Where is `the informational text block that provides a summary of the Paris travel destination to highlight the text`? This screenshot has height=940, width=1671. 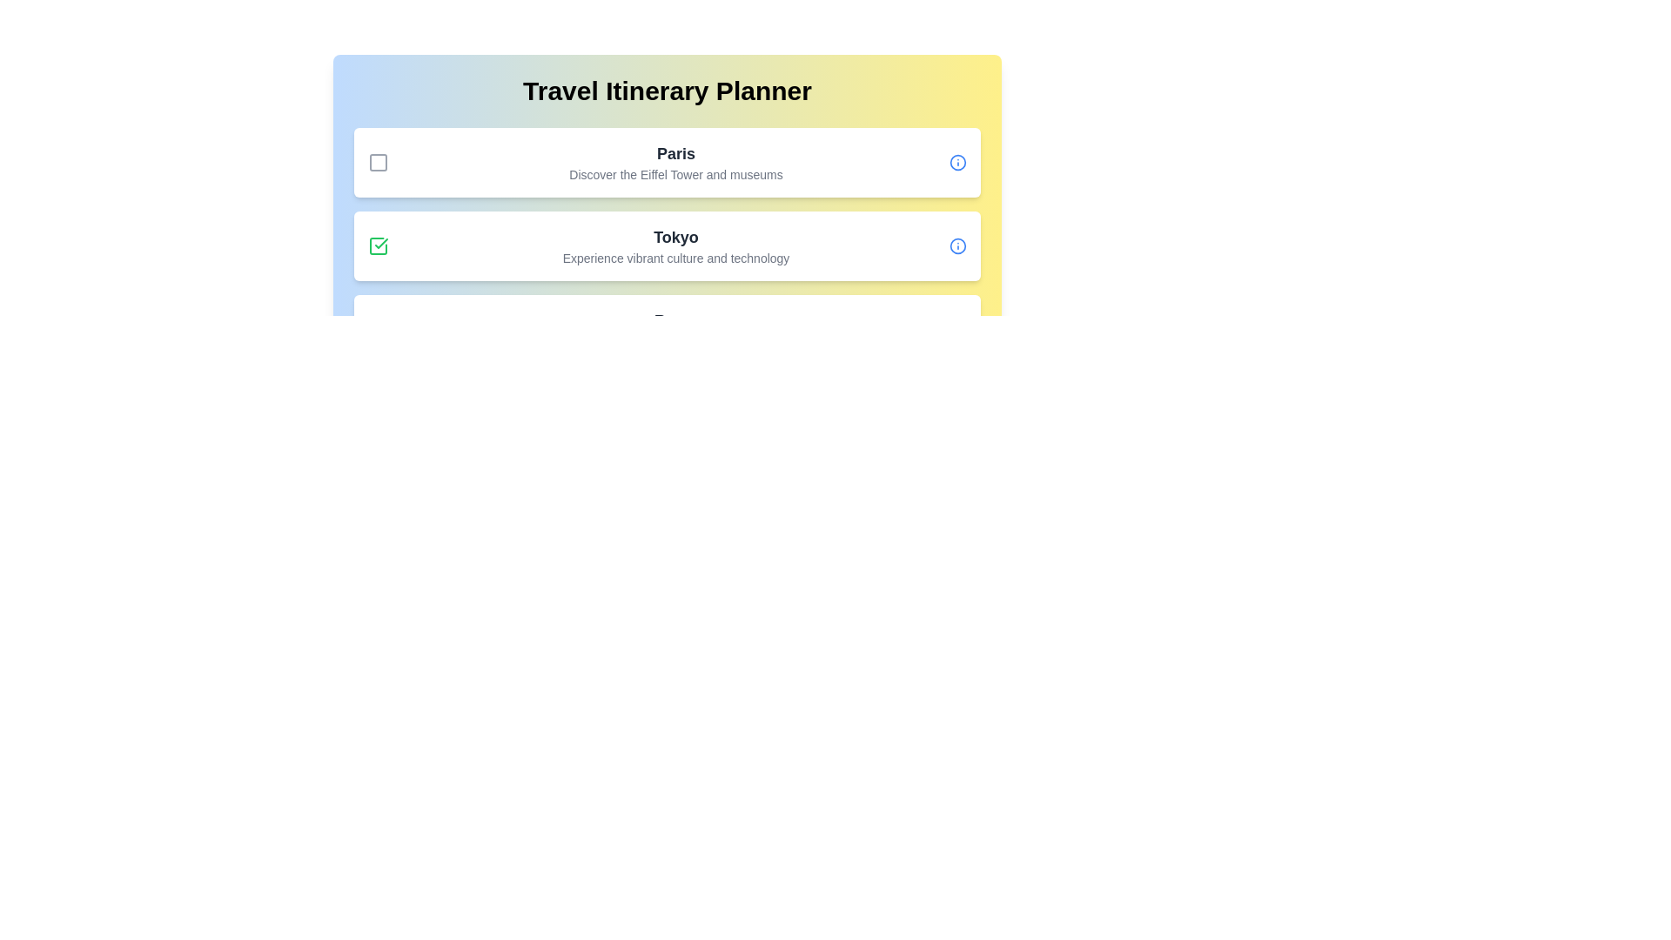 the informational text block that provides a summary of the Paris travel destination to highlight the text is located at coordinates (675, 162).